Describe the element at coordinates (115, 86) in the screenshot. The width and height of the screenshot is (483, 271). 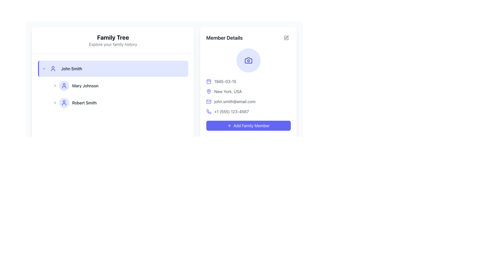
I see `the list item representing the family member 'Mary Johnson' in the Family Tree section by moving the cursor to its center point` at that location.